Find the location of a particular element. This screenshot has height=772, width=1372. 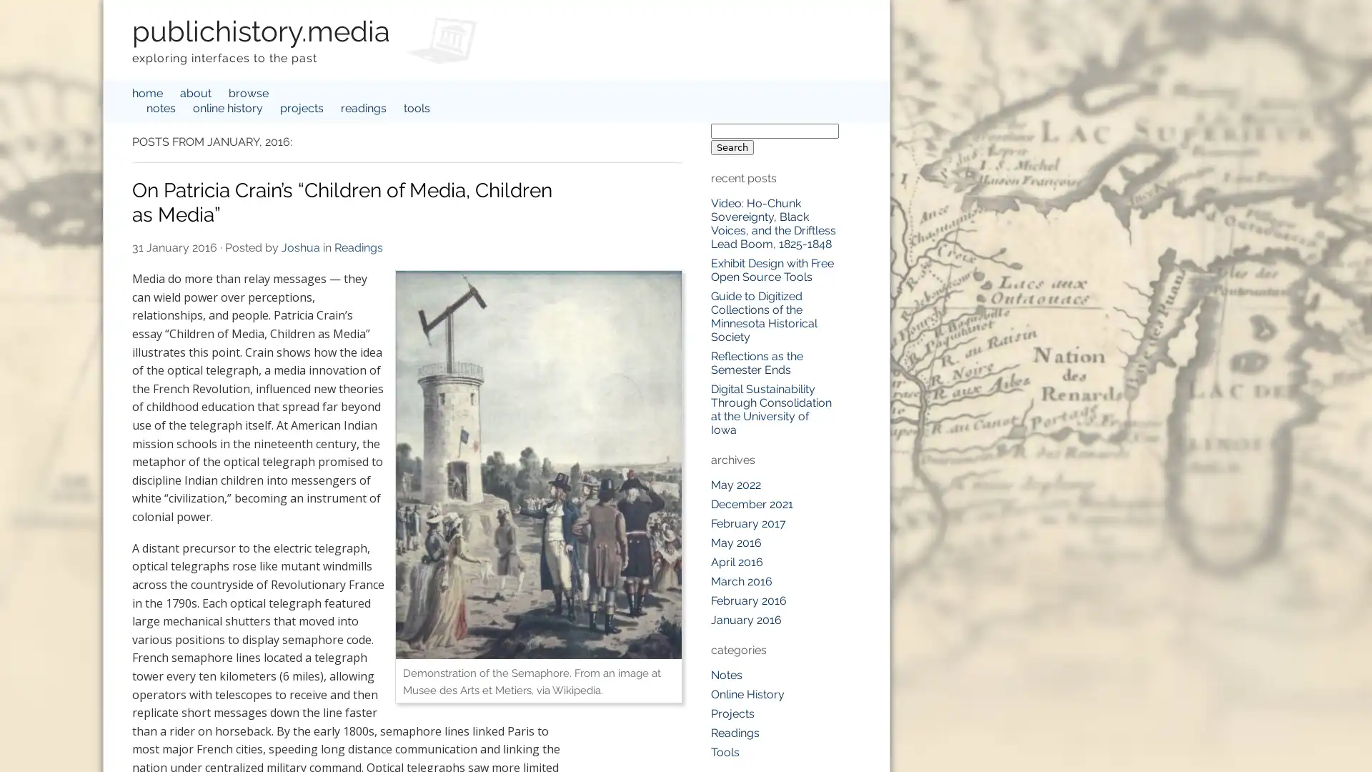

Search is located at coordinates (732, 147).